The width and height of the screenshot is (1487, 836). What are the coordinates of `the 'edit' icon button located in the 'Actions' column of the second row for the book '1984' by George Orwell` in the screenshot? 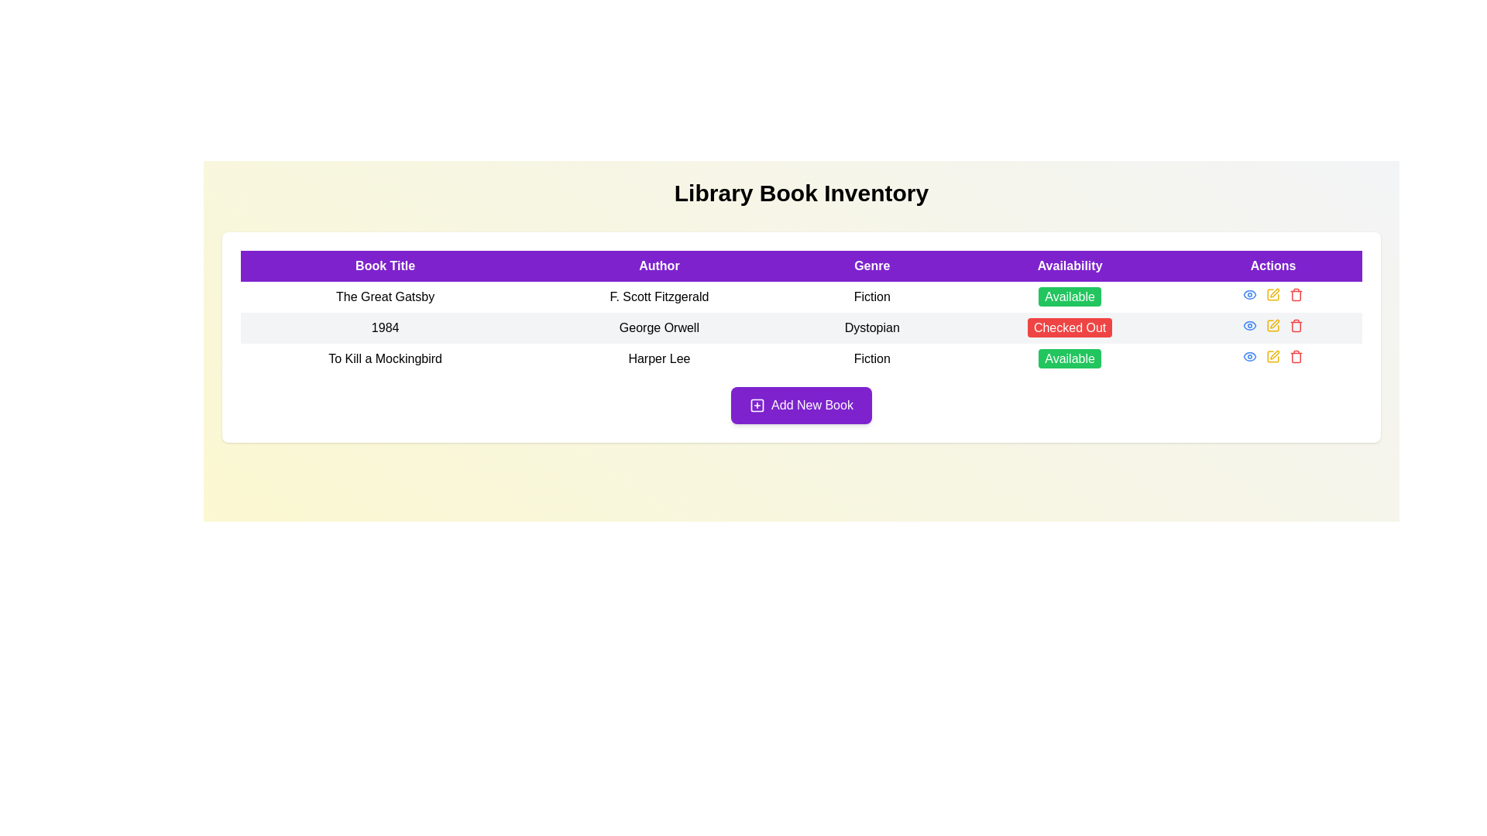 It's located at (1275, 293).